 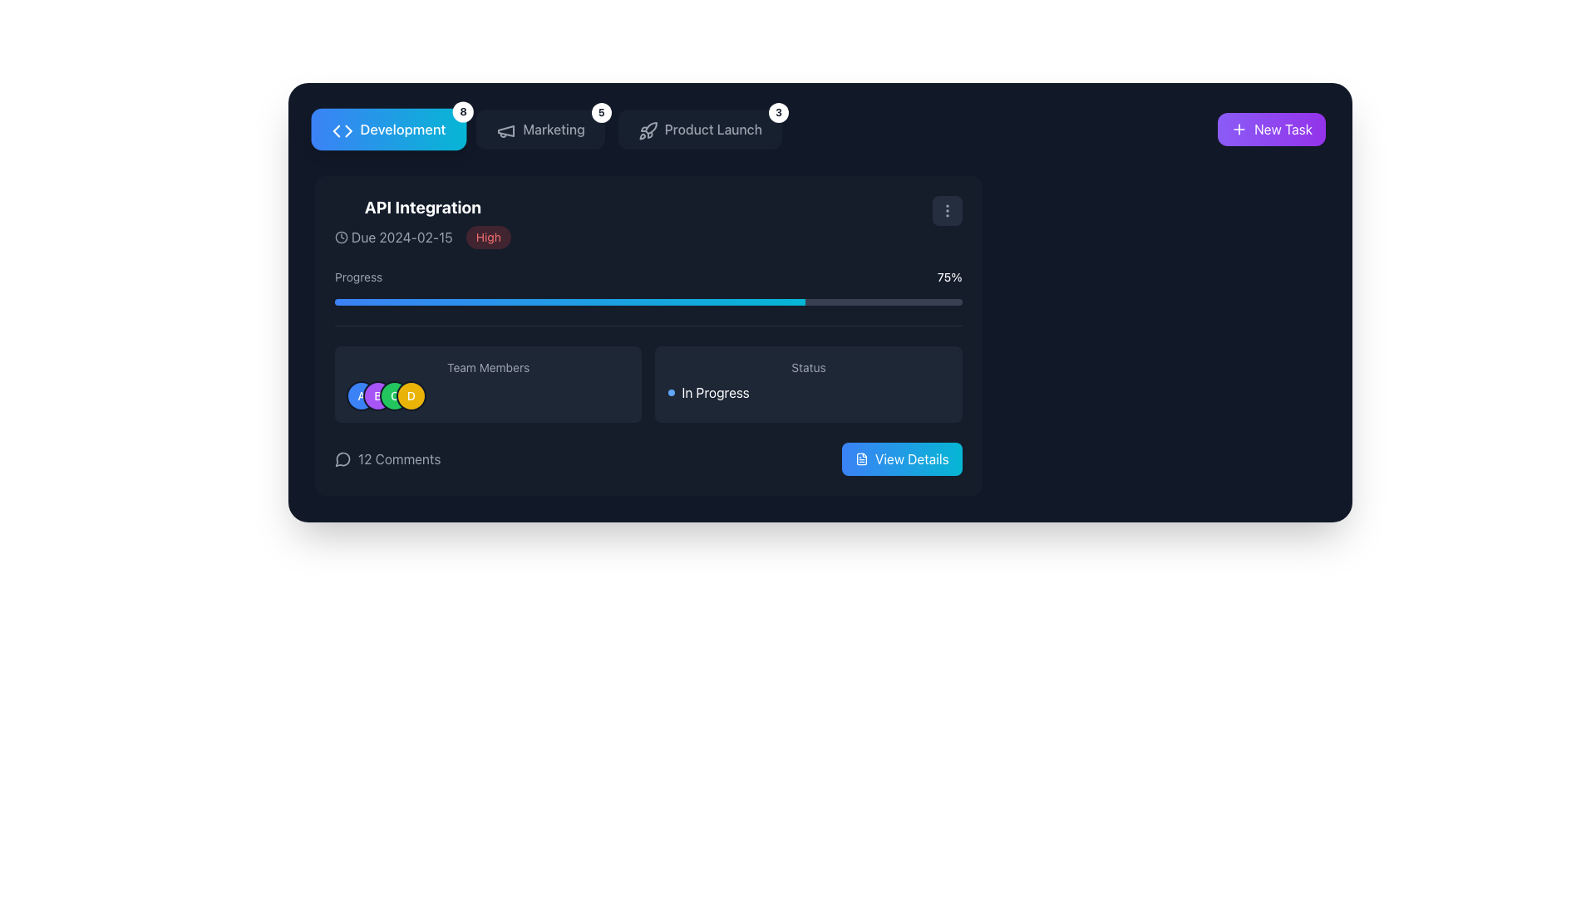 I want to click on the text label displaying the due date and priority level for the task located beneath the 'API Integration' heading and to the left of the 'Progress' bar, so click(x=422, y=237).